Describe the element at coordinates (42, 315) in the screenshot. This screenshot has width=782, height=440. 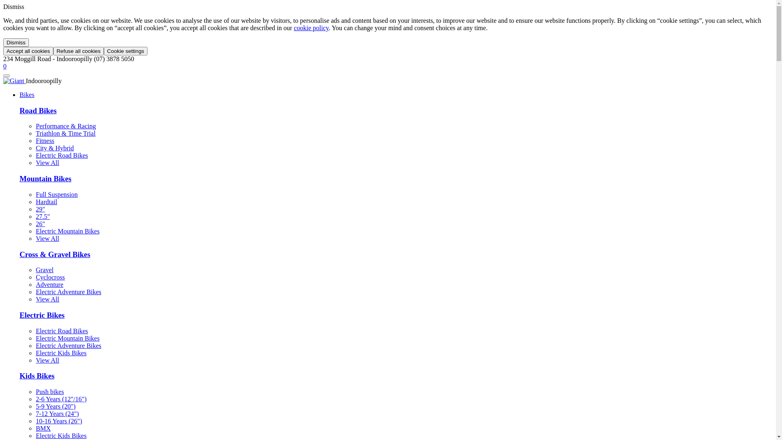
I see `'Electric Bikes'` at that location.